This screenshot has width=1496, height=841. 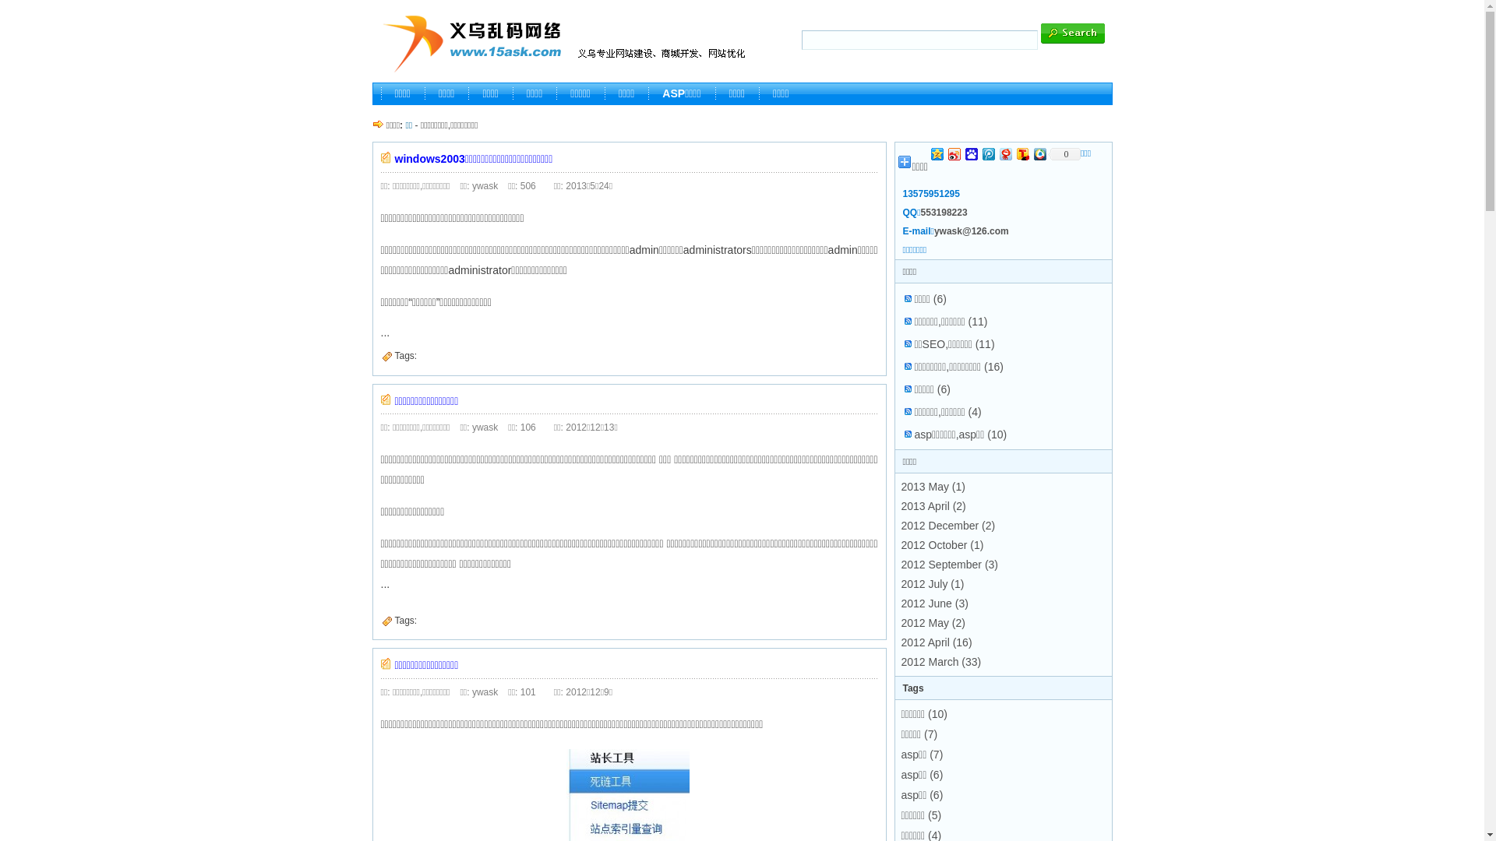 What do you see at coordinates (901, 583) in the screenshot?
I see `'2012 July (1)'` at bounding box center [901, 583].